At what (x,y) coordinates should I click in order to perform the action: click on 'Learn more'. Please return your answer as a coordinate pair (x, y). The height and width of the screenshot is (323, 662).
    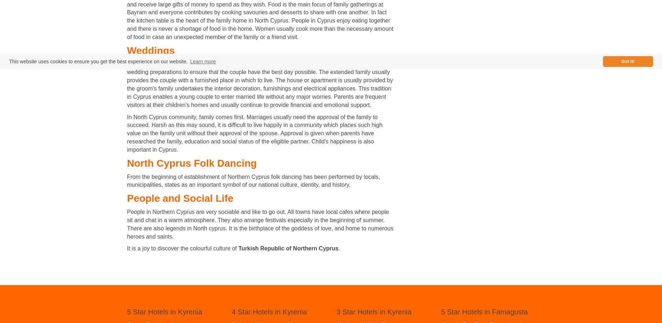
    Looking at the image, I should click on (203, 61).